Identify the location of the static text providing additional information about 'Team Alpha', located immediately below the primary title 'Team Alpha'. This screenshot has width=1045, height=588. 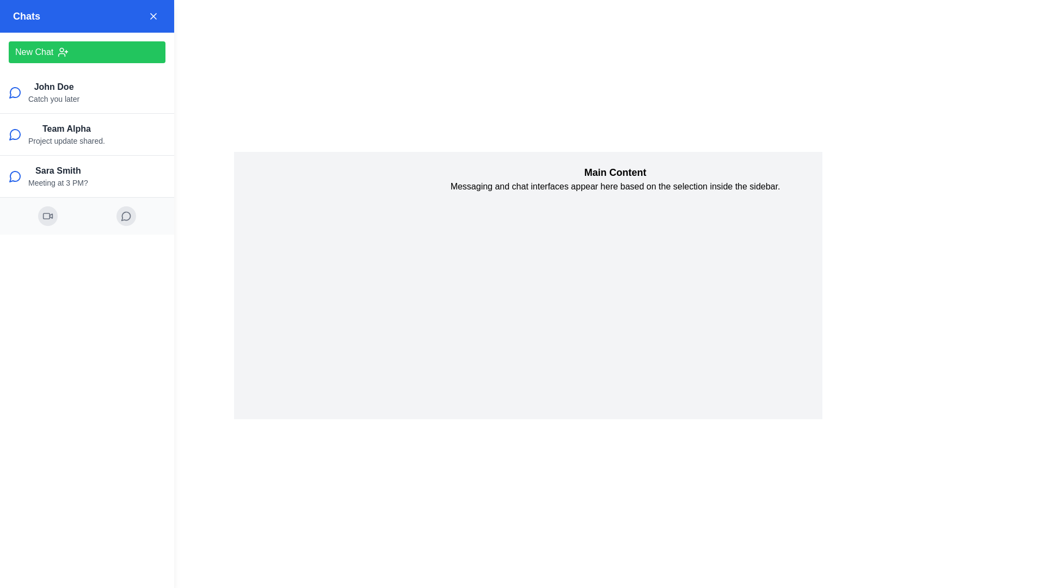
(66, 140).